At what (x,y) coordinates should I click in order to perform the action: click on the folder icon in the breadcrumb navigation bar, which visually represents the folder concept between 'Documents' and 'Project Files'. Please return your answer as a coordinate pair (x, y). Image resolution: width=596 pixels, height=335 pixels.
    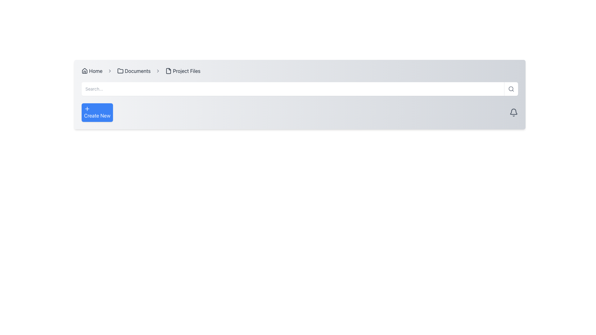
    Looking at the image, I should click on (120, 70).